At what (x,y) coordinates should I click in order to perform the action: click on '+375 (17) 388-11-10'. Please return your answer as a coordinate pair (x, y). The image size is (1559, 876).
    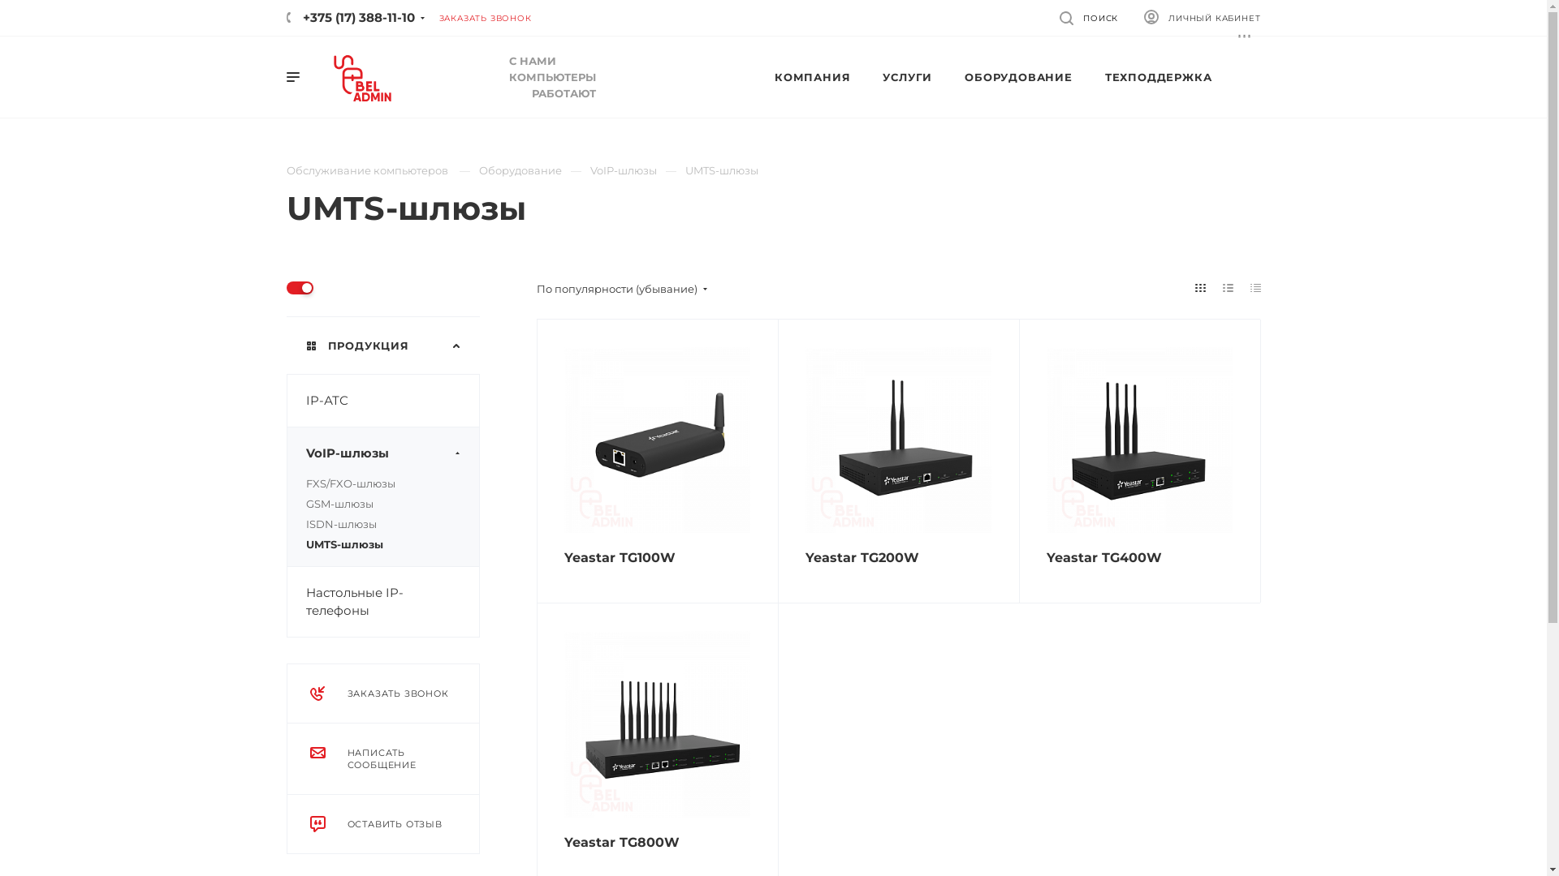
    Looking at the image, I should click on (349, 17).